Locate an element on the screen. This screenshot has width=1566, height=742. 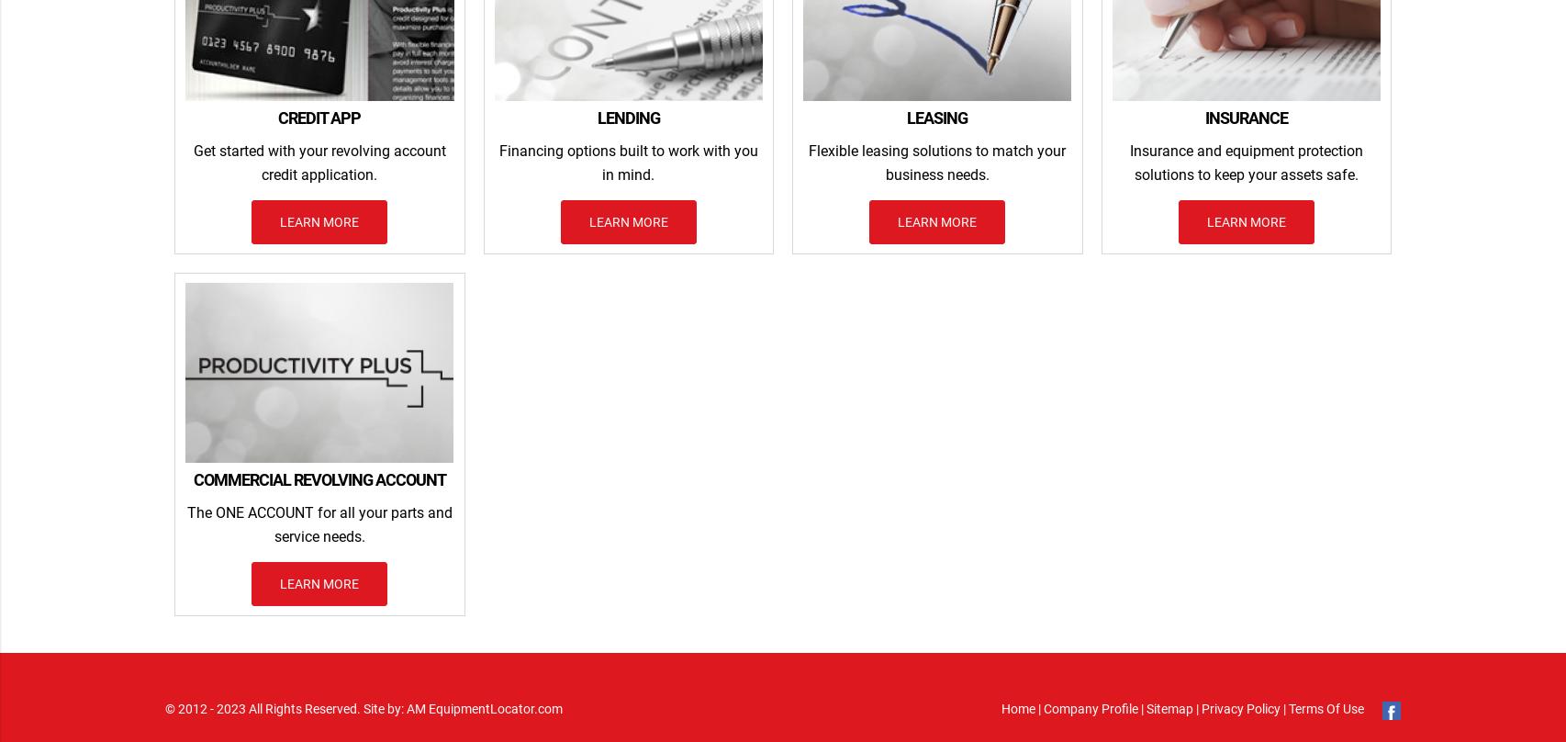
'Flexible leasing solutions to match your business needs.' is located at coordinates (937, 161).